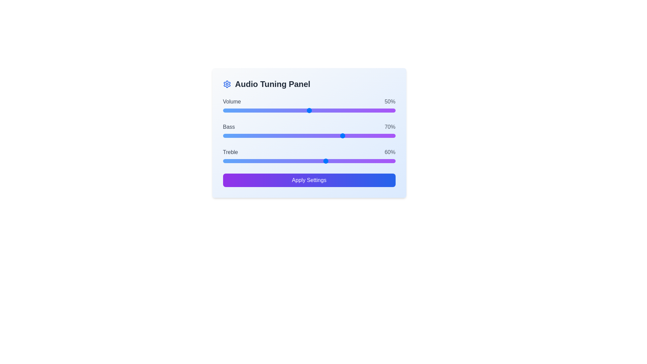 The image size is (647, 364). What do you see at coordinates (314, 135) in the screenshot?
I see `the bass level` at bounding box center [314, 135].